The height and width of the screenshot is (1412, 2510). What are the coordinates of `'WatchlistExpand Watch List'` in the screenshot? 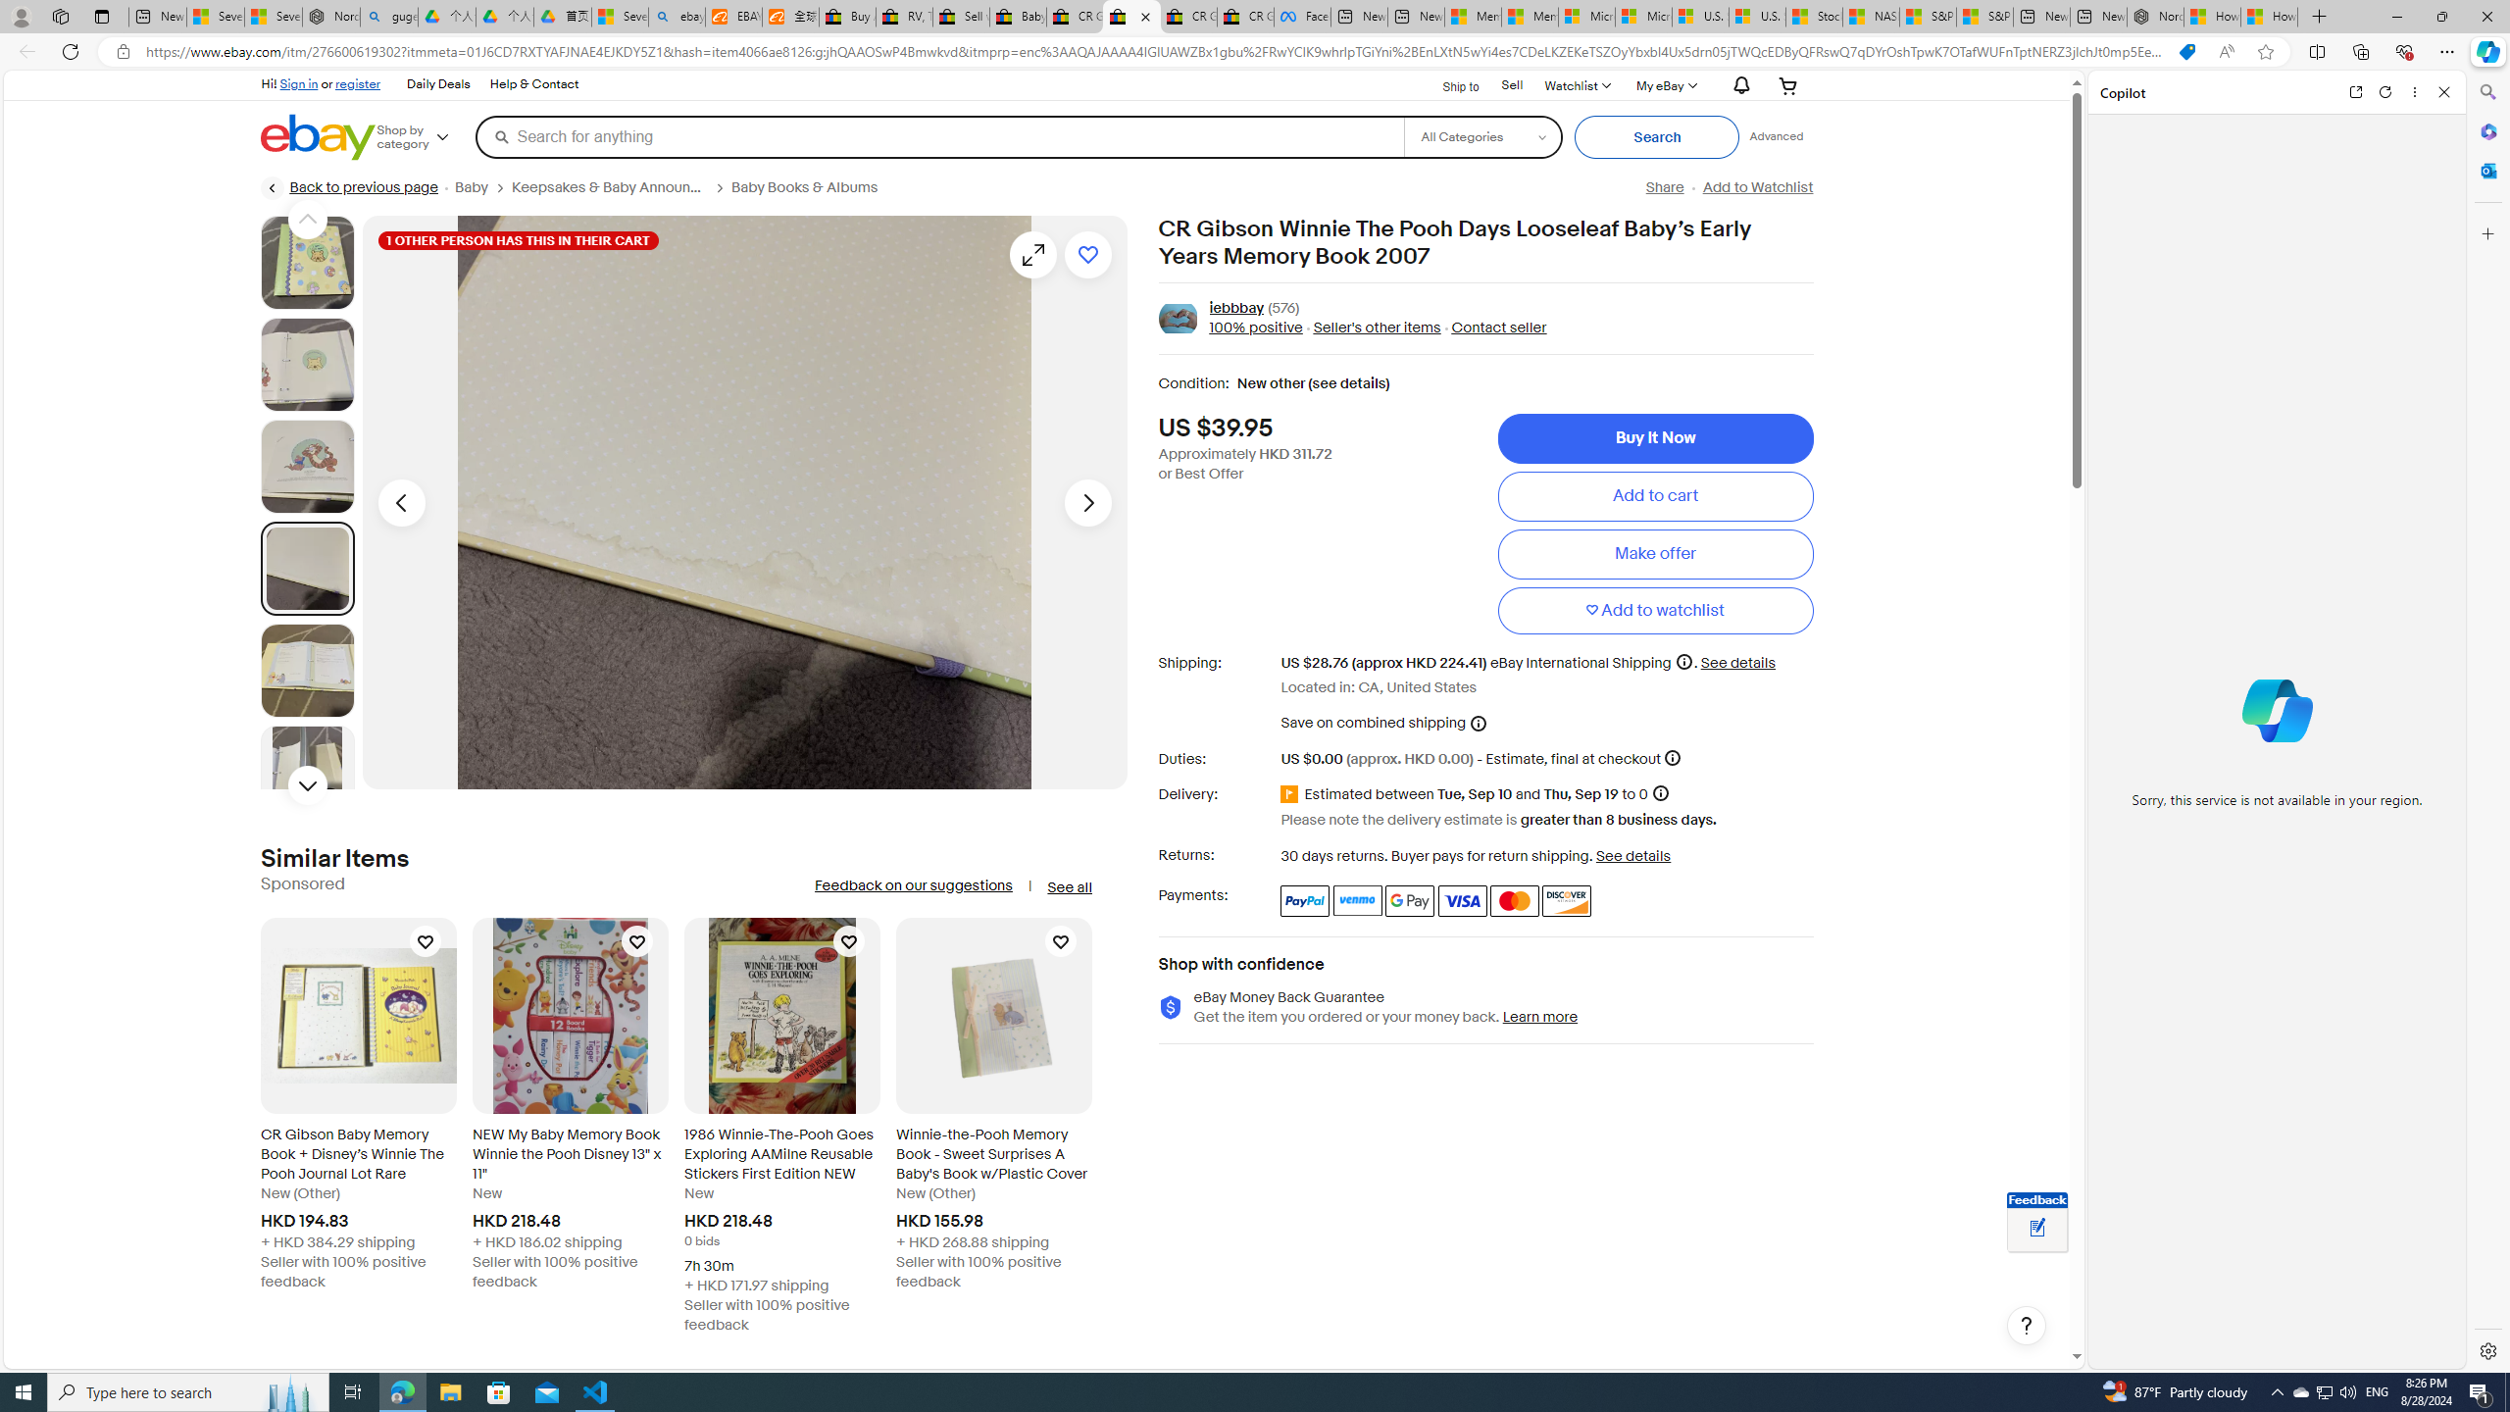 It's located at (1575, 85).